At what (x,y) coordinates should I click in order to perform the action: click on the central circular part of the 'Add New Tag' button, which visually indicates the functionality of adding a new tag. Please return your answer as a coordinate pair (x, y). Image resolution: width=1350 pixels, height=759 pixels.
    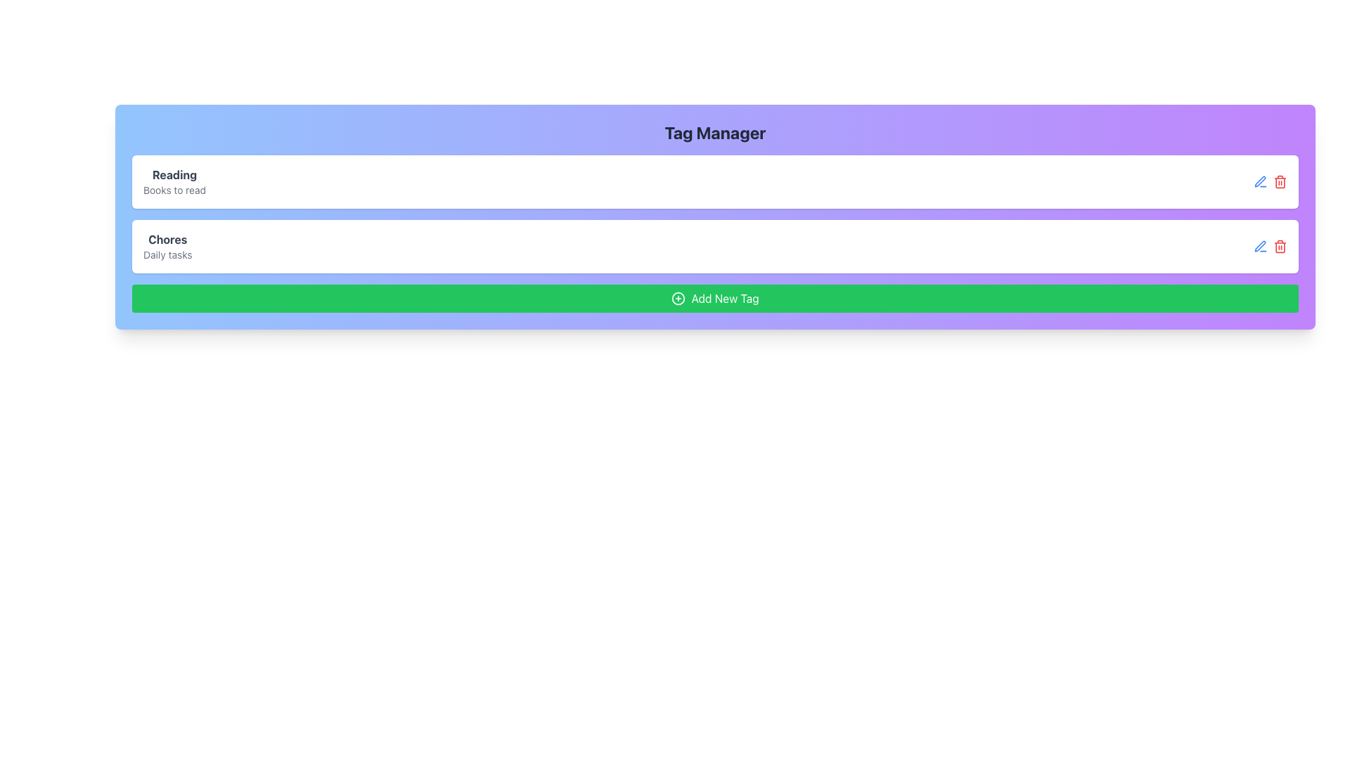
    Looking at the image, I should click on (679, 297).